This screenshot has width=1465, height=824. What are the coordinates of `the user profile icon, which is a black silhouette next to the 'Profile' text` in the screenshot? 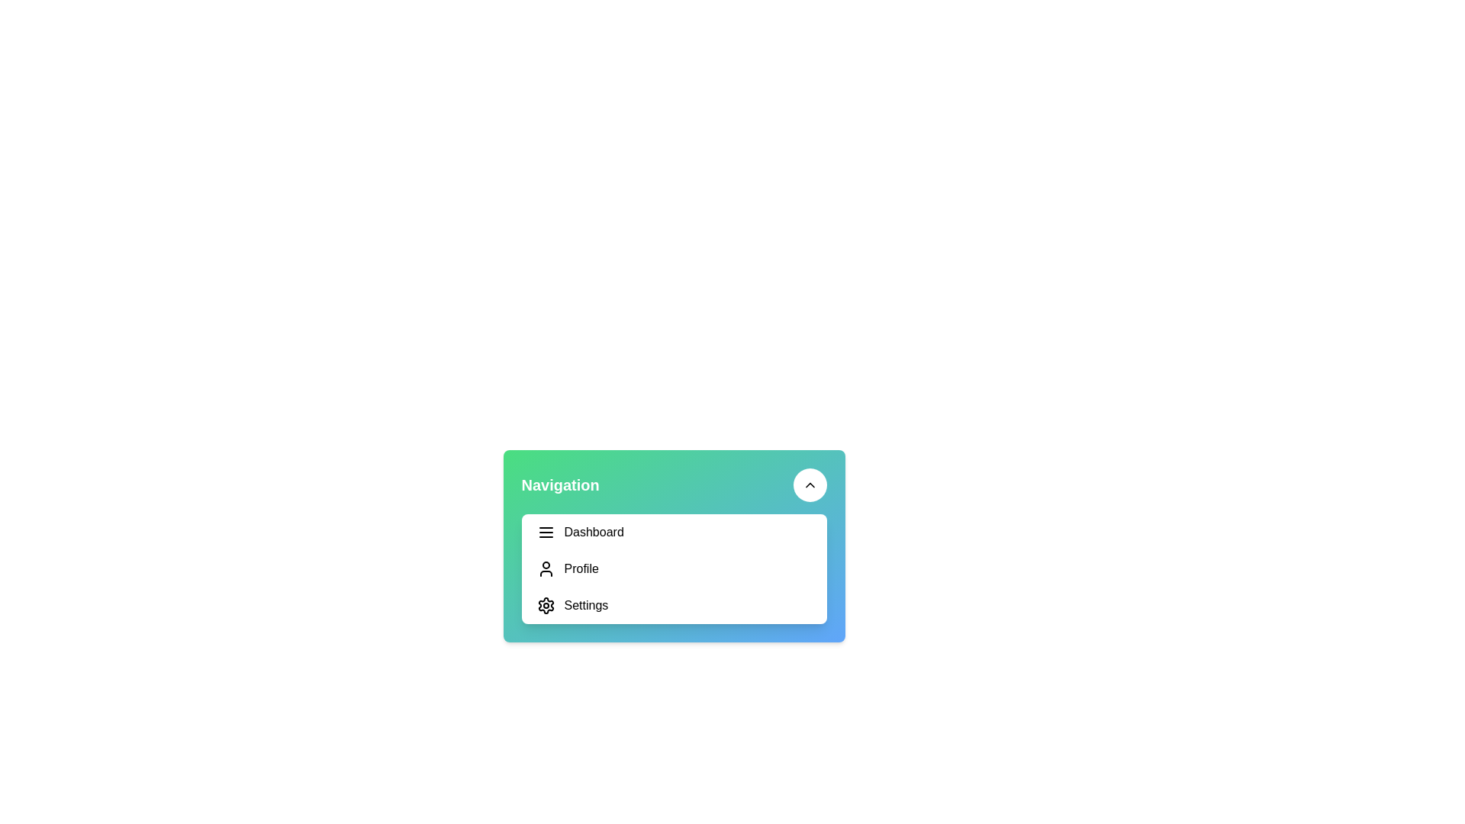 It's located at (546, 568).